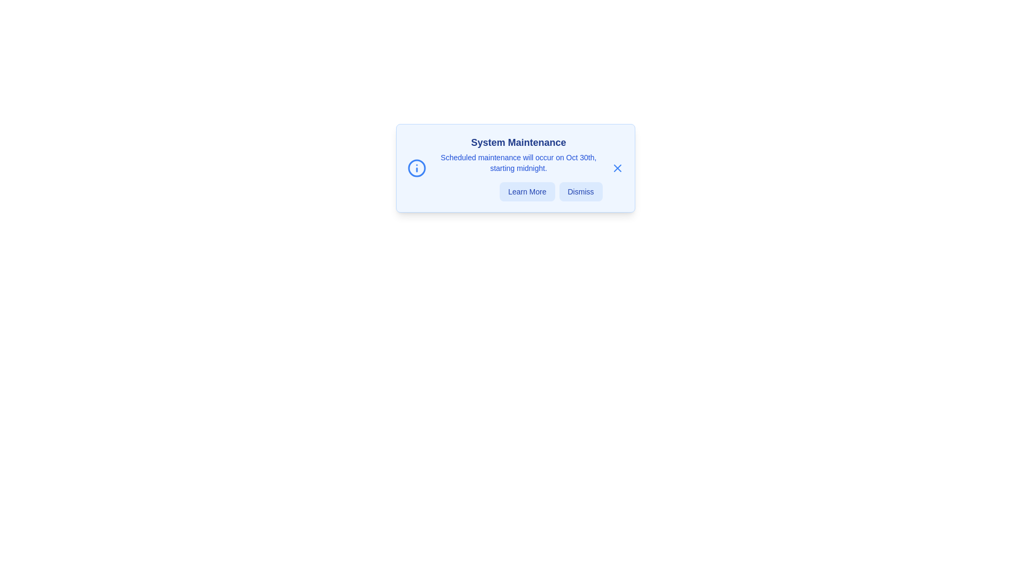 The height and width of the screenshot is (577, 1025). What do you see at coordinates (518, 162) in the screenshot?
I see `the text block styled in a smaller blue font, which reads 'Scheduled maintenance will occur on Oct 30th, starting midnight.', located below the title 'System Maintenance'` at bounding box center [518, 162].